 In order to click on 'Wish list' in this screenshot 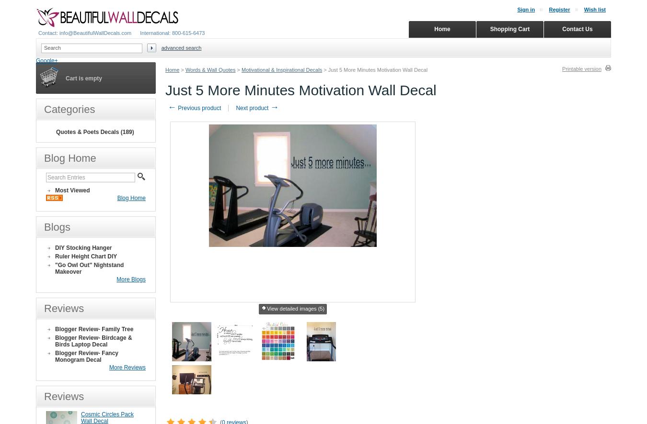, I will do `click(595, 10)`.